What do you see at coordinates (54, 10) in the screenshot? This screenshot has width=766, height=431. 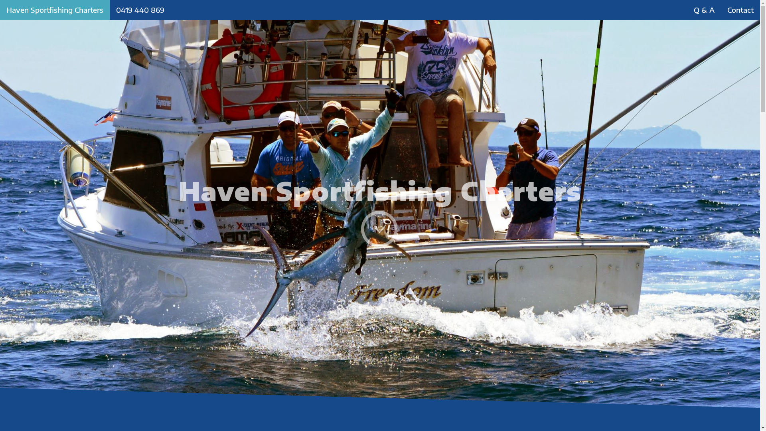 I see `'Haven Sportfishing Charters'` at bounding box center [54, 10].